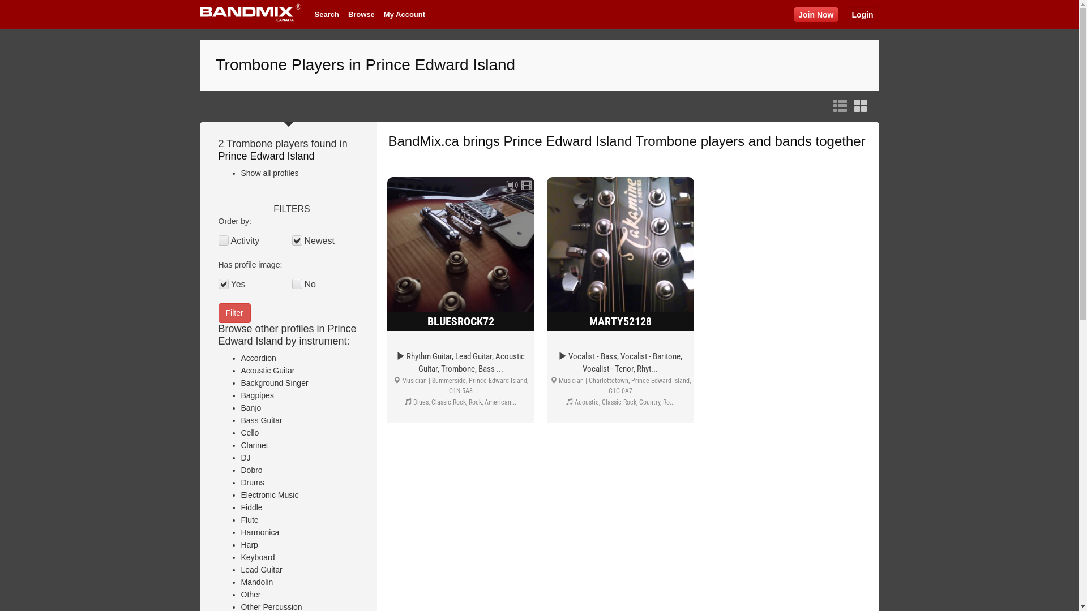  I want to click on 'Search', so click(310, 15).